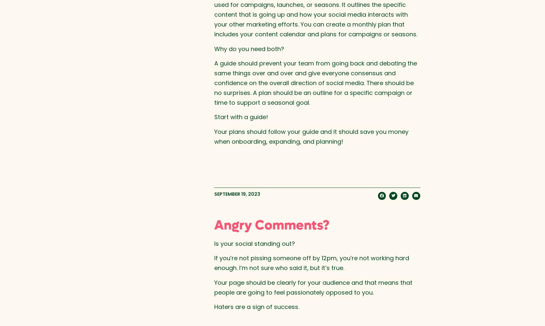 This screenshot has height=326, width=545. I want to click on 'If you’re not pissing someone off by 12pm, you’re not working hard enough. I’m not sure who said it, but it’s true.', so click(311, 263).